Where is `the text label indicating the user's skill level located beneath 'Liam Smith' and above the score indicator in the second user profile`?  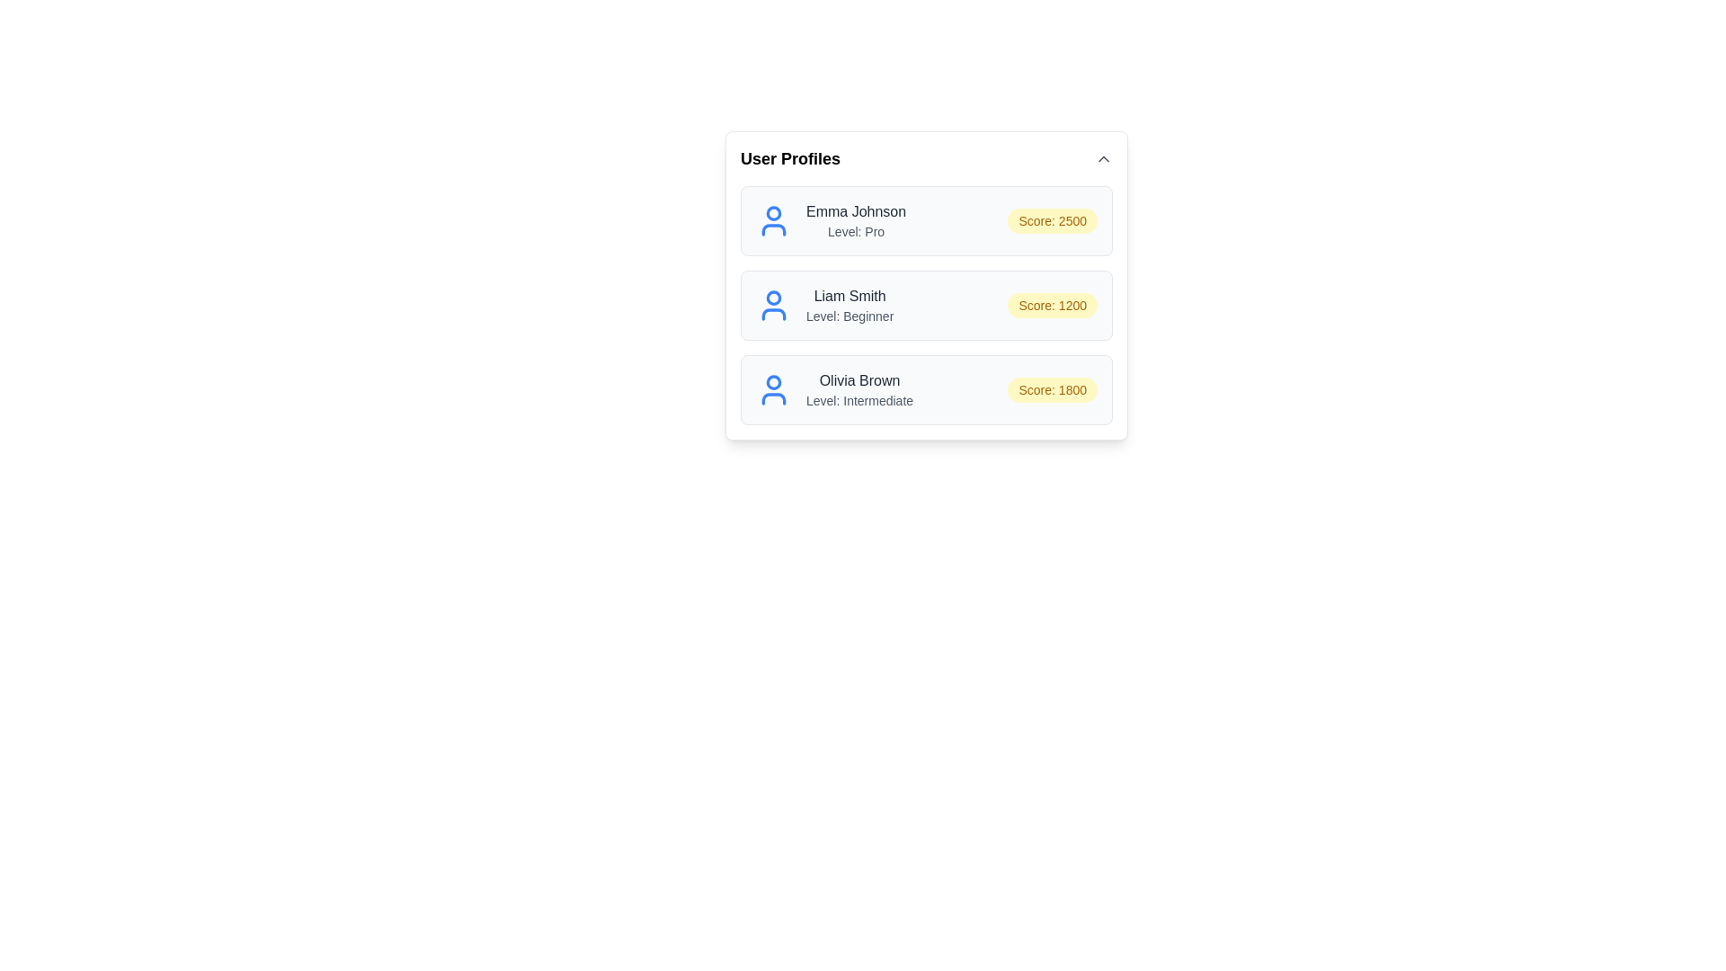 the text label indicating the user's skill level located beneath 'Liam Smith' and above the score indicator in the second user profile is located at coordinates (849, 315).